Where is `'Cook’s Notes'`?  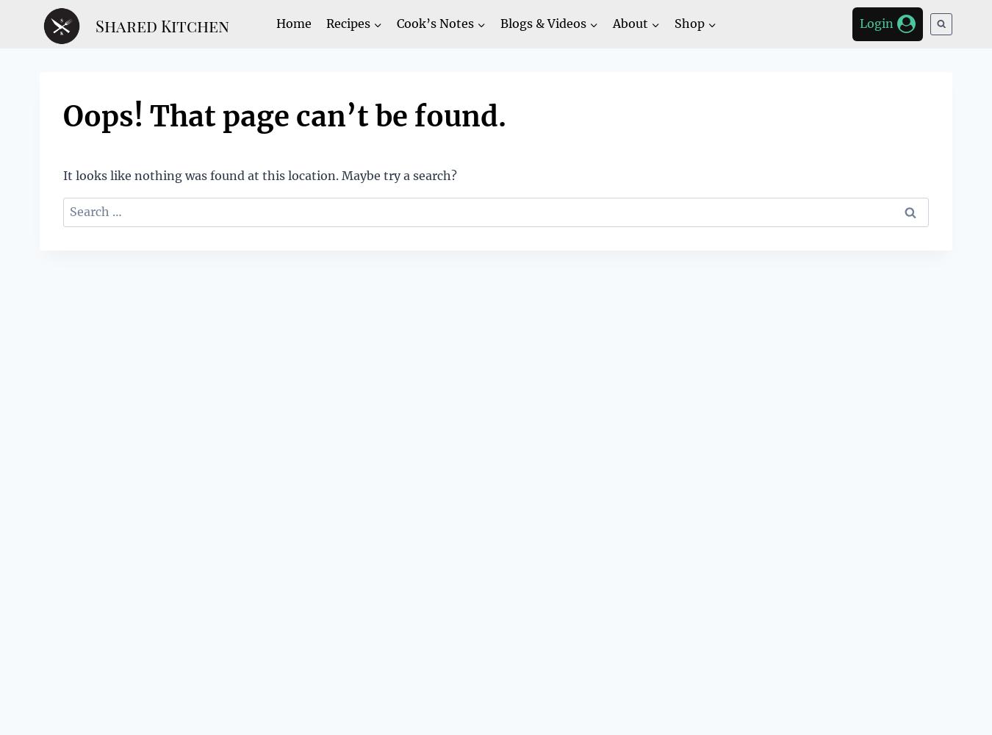
'Cook’s Notes' is located at coordinates (434, 23).